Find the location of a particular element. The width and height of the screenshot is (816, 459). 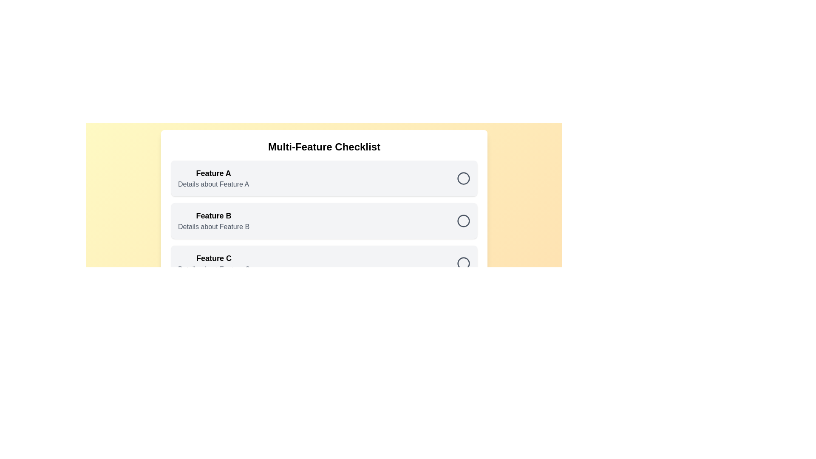

the checklist item Feature D is located at coordinates (463, 306).